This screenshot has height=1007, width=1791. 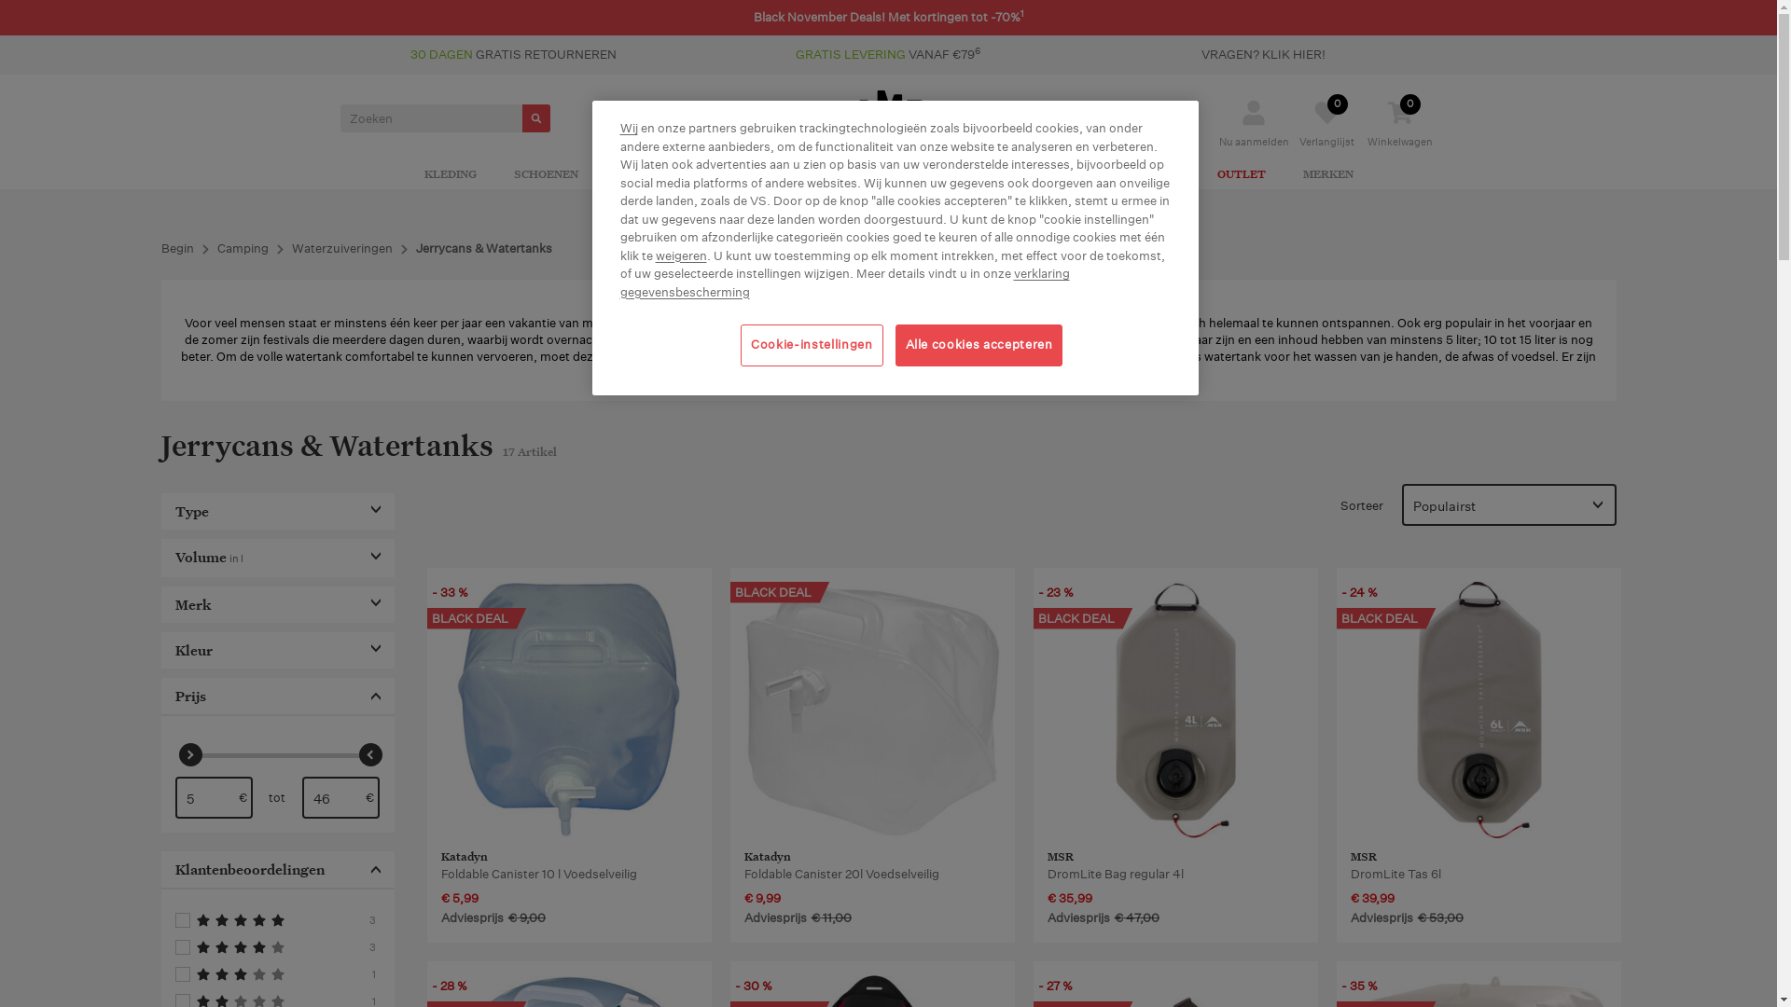 What do you see at coordinates (567, 755) in the screenshot?
I see `'Katadyn Foldable Canister 10 l Voedselveilig'` at bounding box center [567, 755].